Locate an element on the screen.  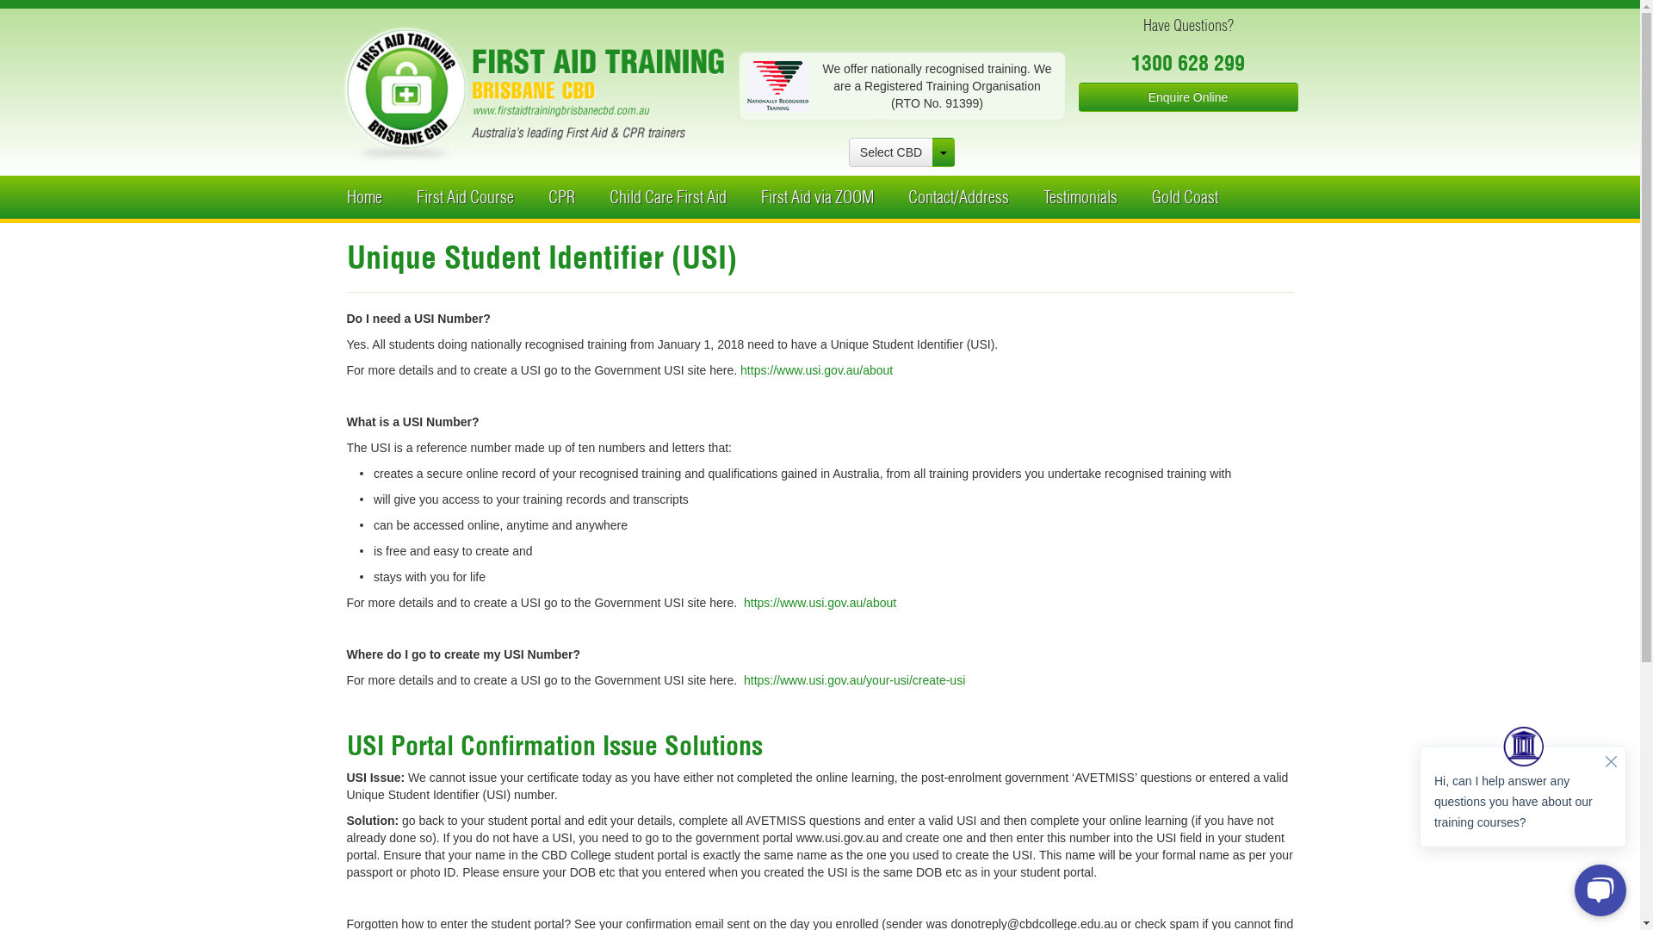
'Child Care First Aid' is located at coordinates (667, 195).